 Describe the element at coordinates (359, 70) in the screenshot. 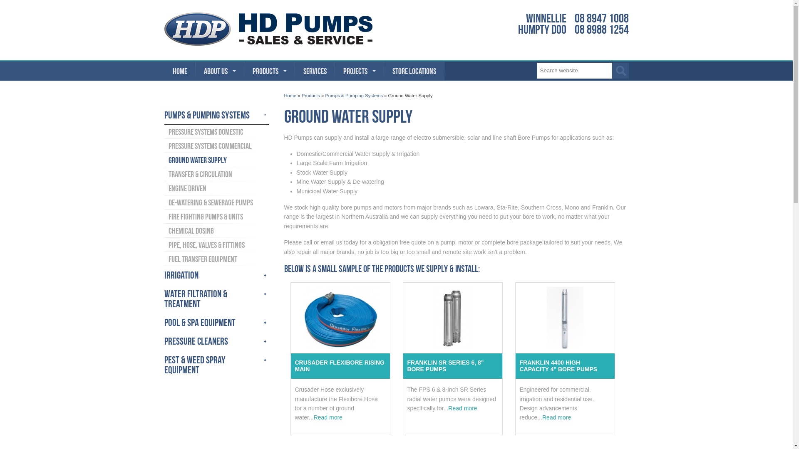

I see `'PROJECTS'` at that location.